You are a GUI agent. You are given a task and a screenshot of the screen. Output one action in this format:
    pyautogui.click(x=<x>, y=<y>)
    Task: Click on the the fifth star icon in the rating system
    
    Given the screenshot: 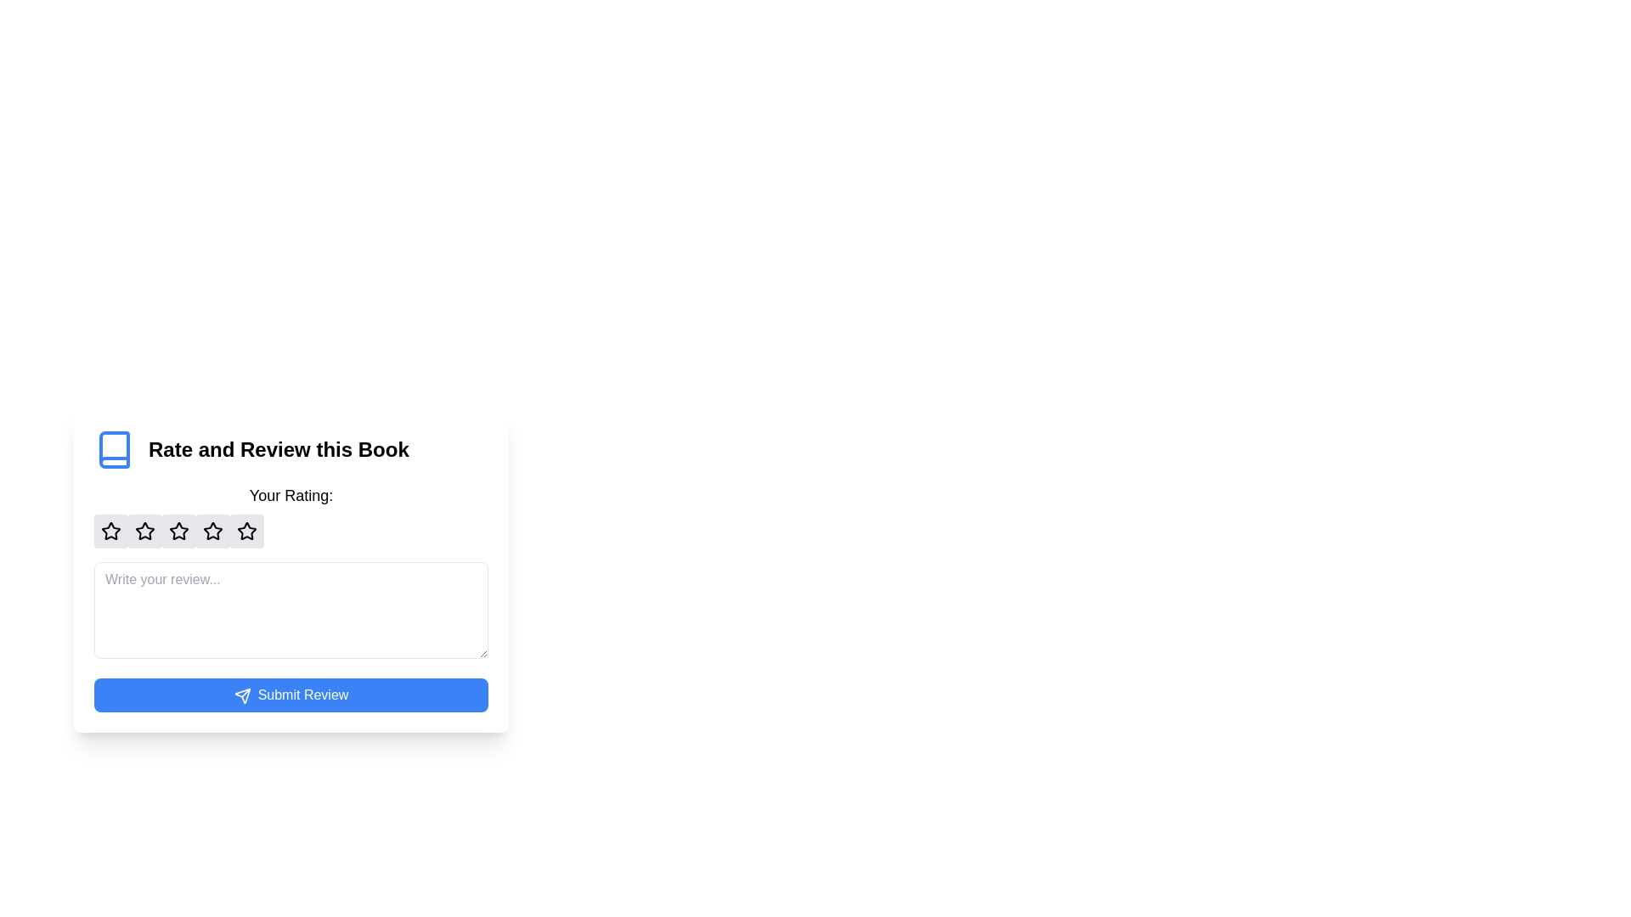 What is the action you would take?
    pyautogui.click(x=246, y=530)
    